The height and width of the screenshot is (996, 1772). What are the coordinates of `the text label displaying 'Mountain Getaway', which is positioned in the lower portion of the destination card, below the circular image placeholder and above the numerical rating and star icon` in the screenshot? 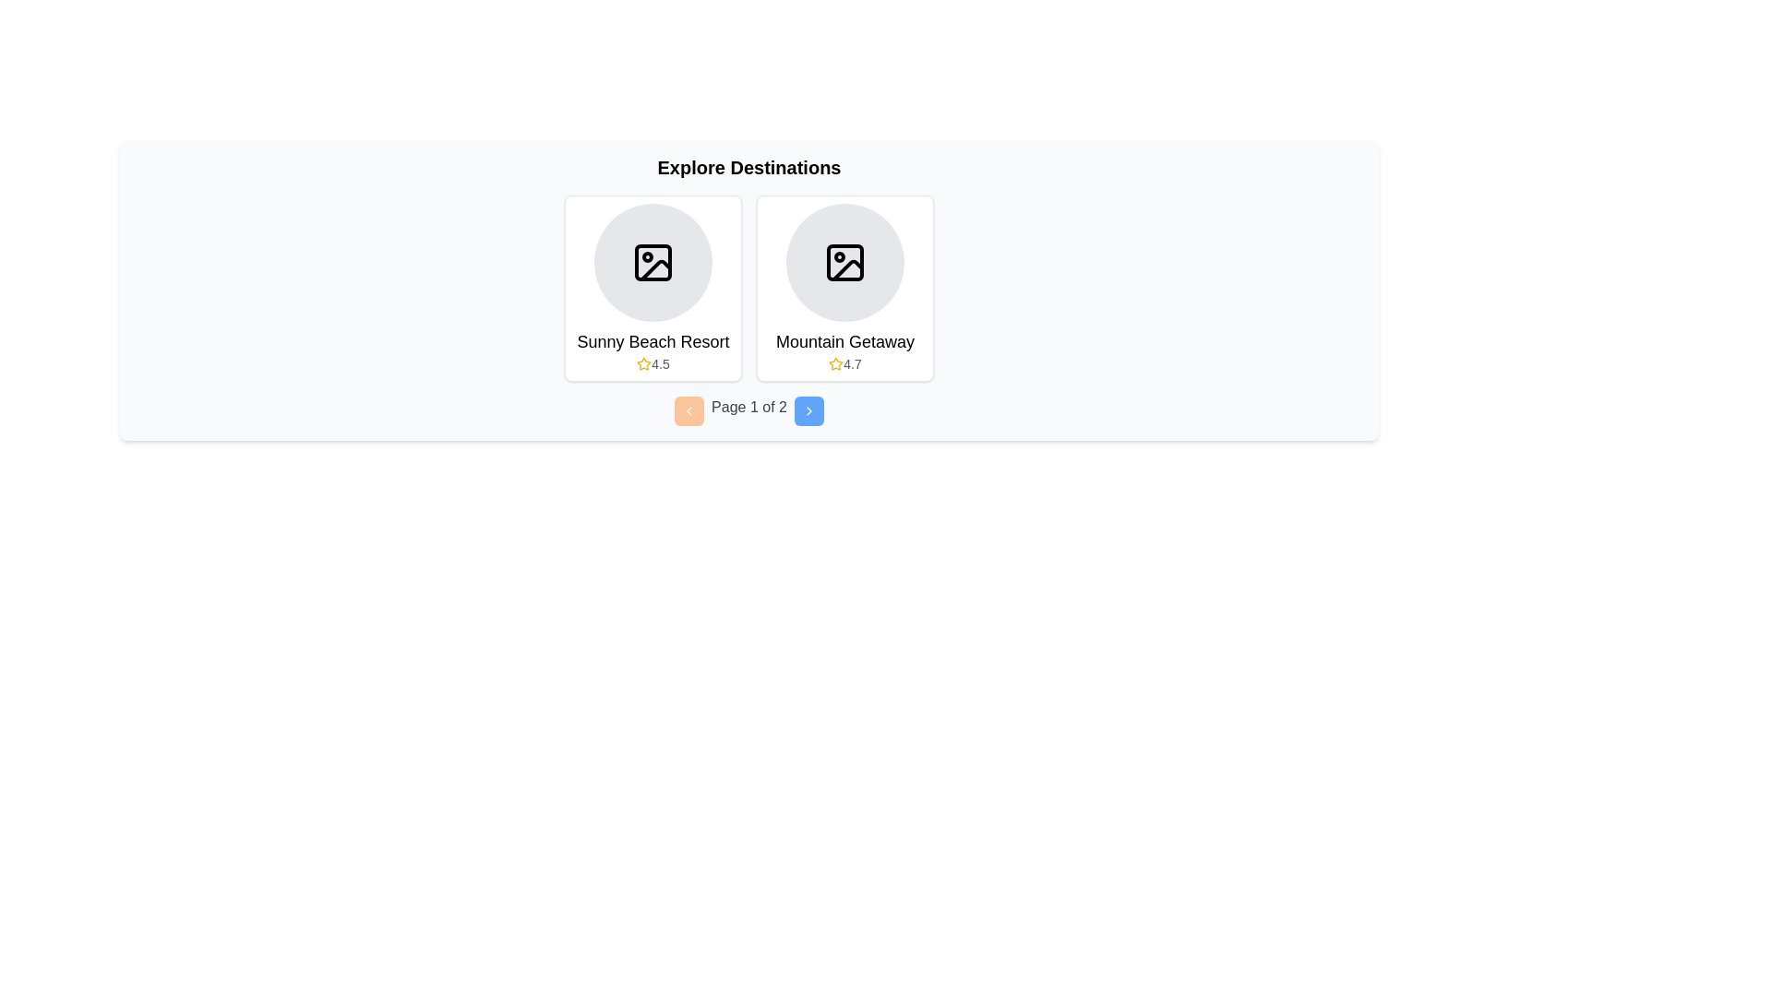 It's located at (844, 341).